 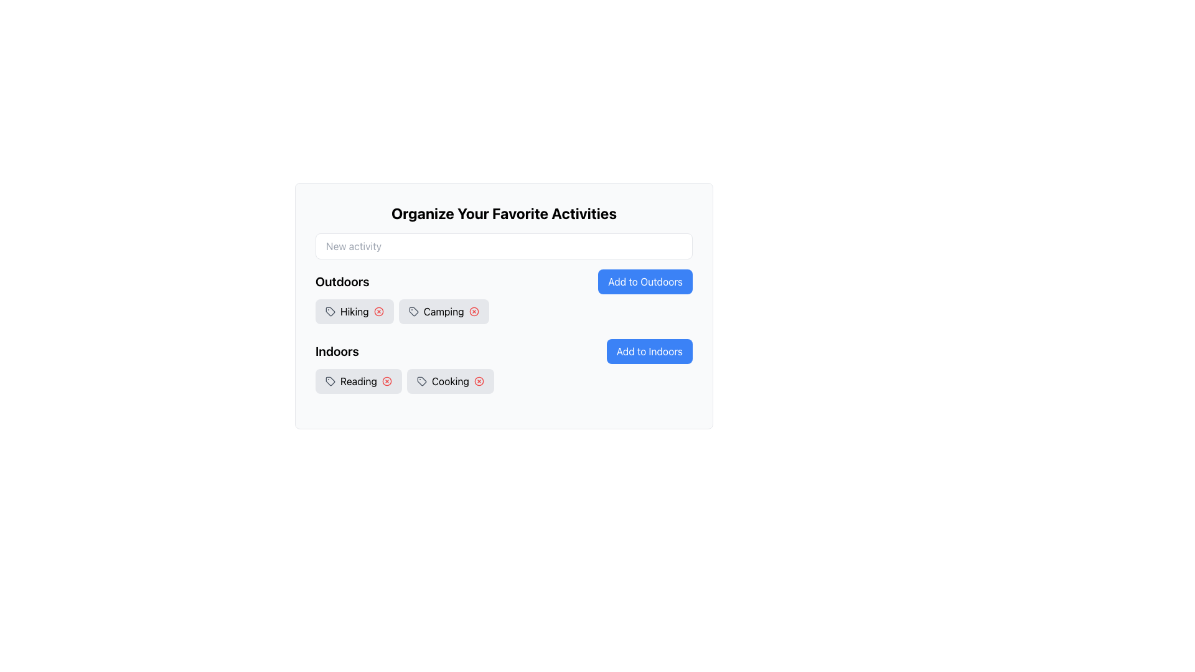 I want to click on the tag-shaped SVG icon located in the 'Indoors' section, just before the 'Reading' text, so click(x=330, y=381).